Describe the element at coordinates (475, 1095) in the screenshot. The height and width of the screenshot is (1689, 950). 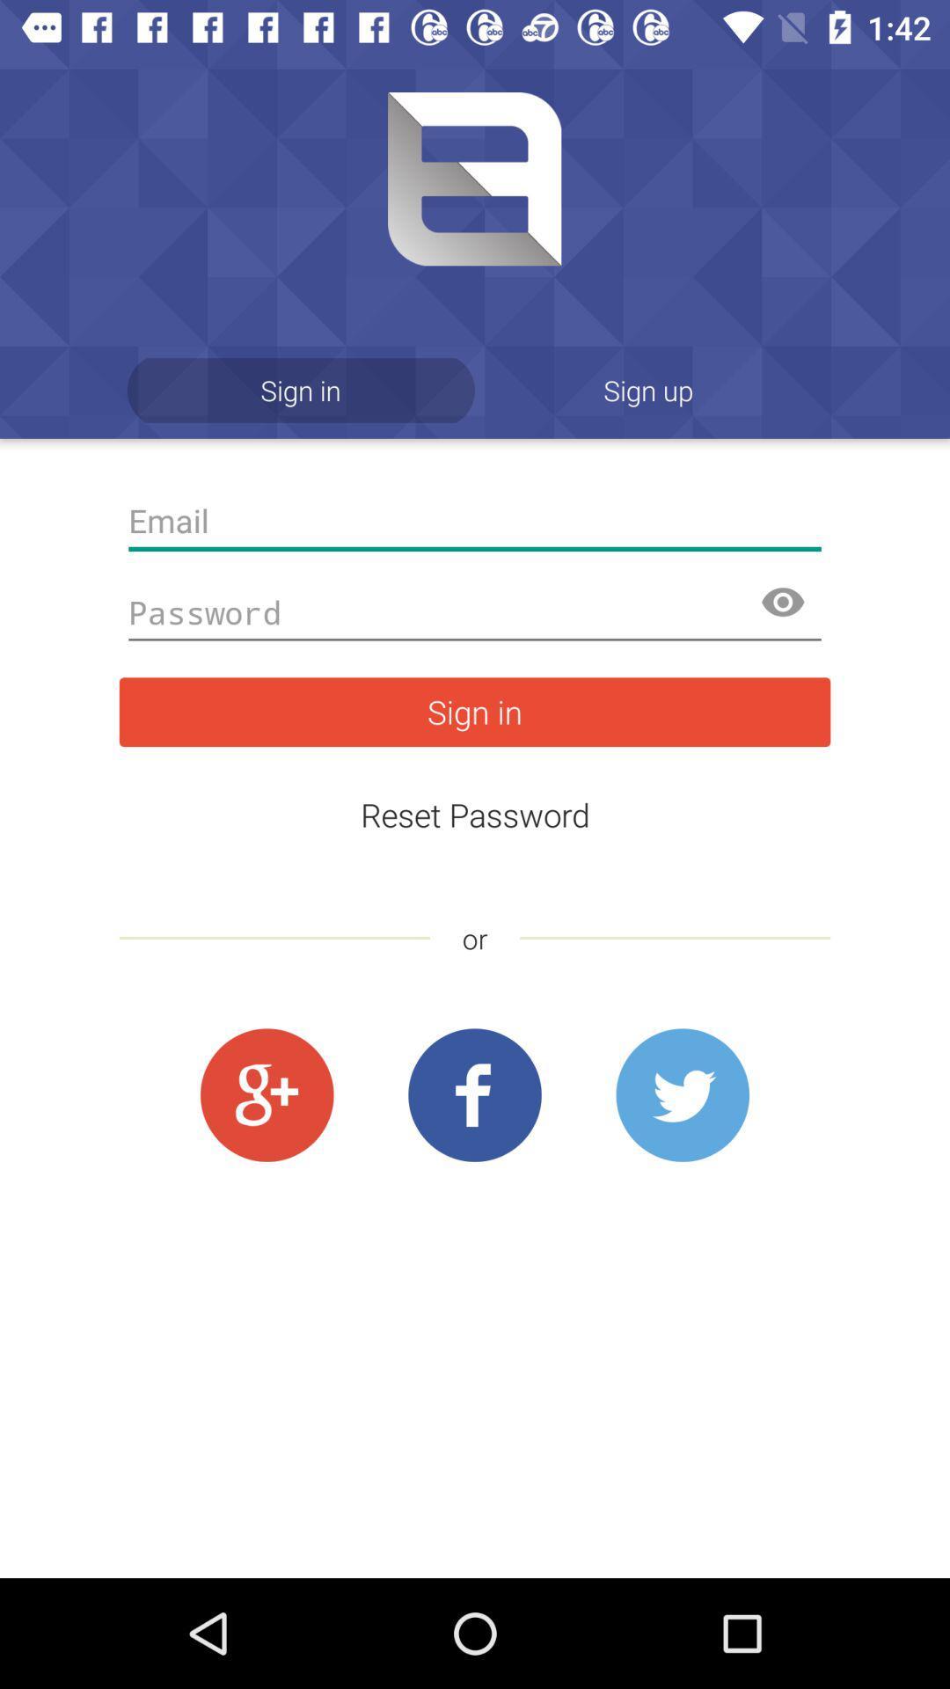
I see `facebook icon at bottom of the page` at that location.